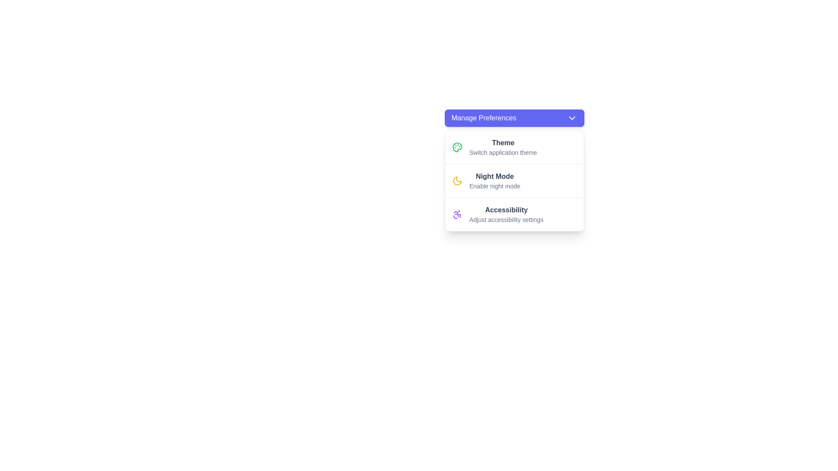 Image resolution: width=838 pixels, height=471 pixels. What do you see at coordinates (457, 147) in the screenshot?
I see `the decorative icon next to the 'Theme' menu option in the 'Manage Preferences' dropdown` at bounding box center [457, 147].